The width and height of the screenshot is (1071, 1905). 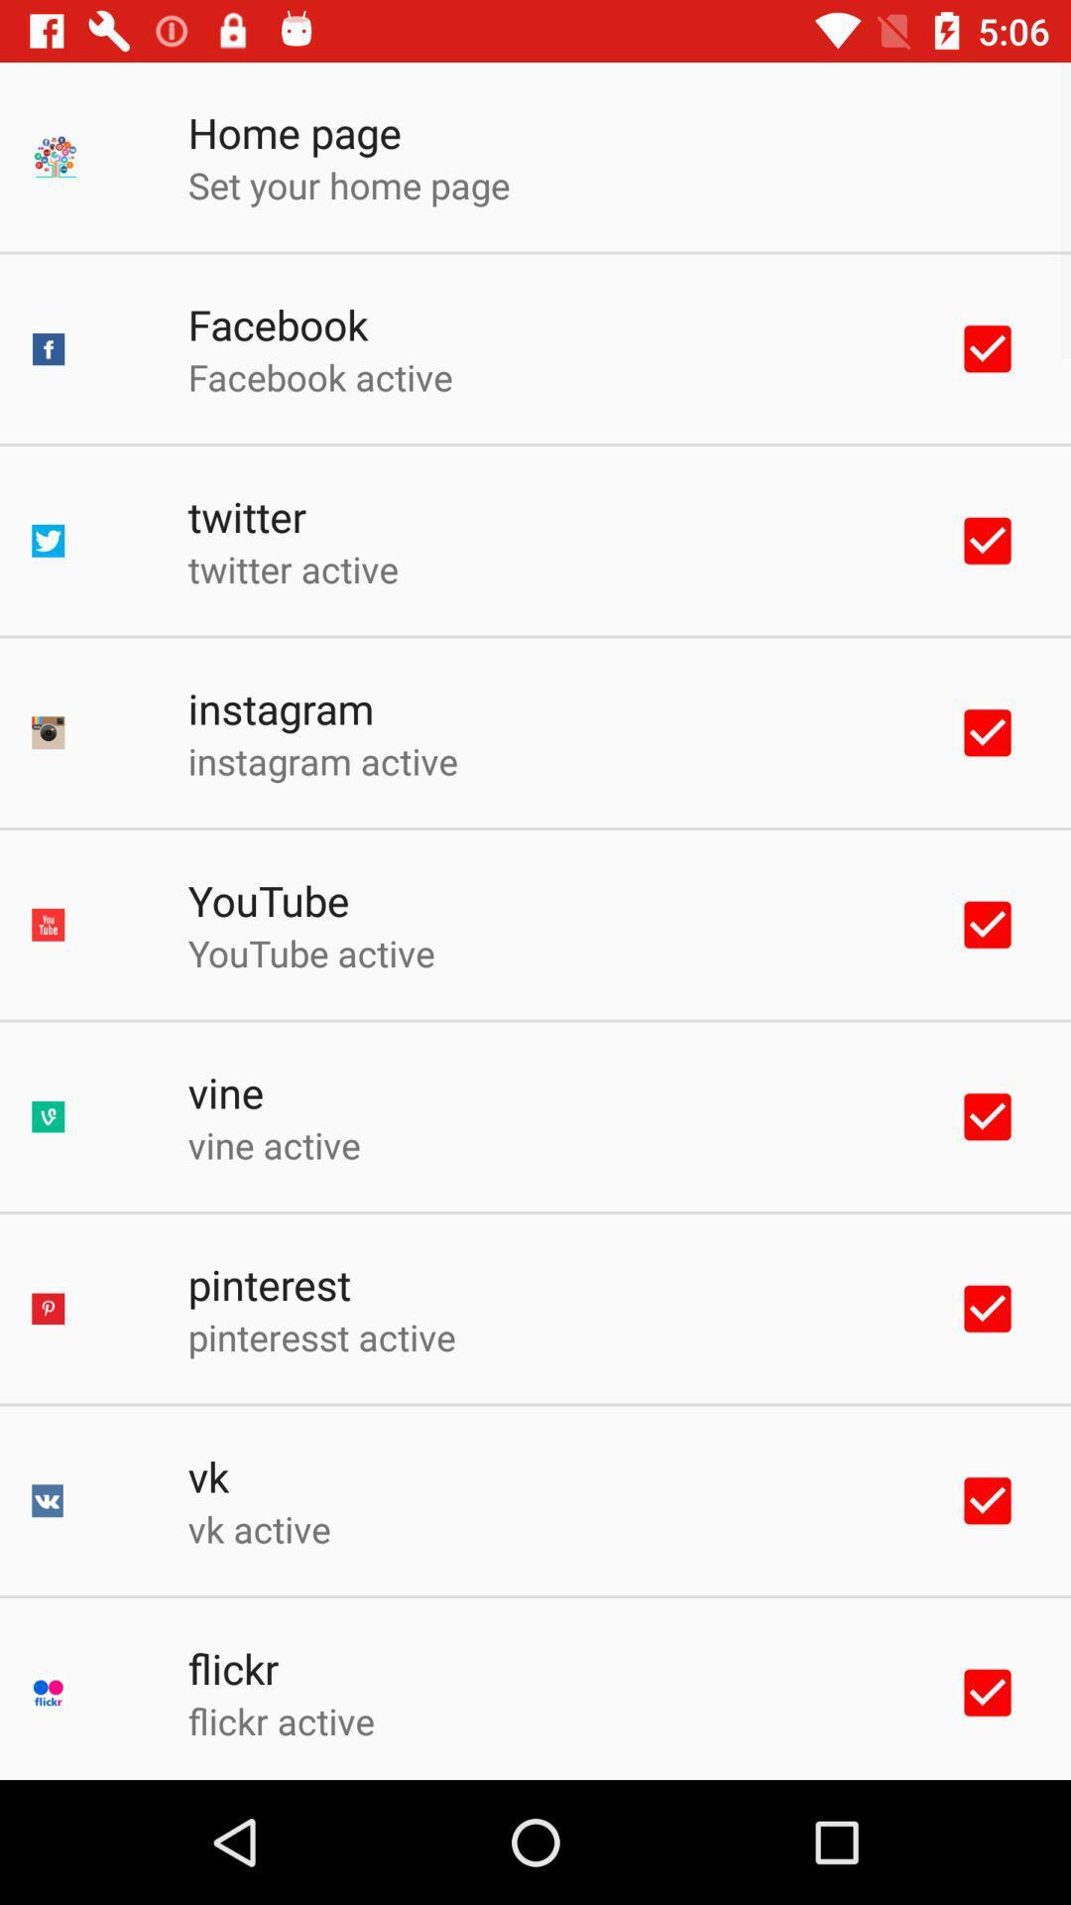 What do you see at coordinates (293, 568) in the screenshot?
I see `twitter active` at bounding box center [293, 568].